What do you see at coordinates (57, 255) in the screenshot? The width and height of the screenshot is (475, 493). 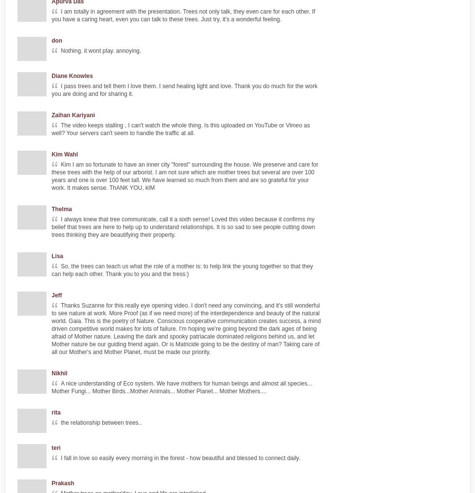 I see `'Lisa'` at bounding box center [57, 255].